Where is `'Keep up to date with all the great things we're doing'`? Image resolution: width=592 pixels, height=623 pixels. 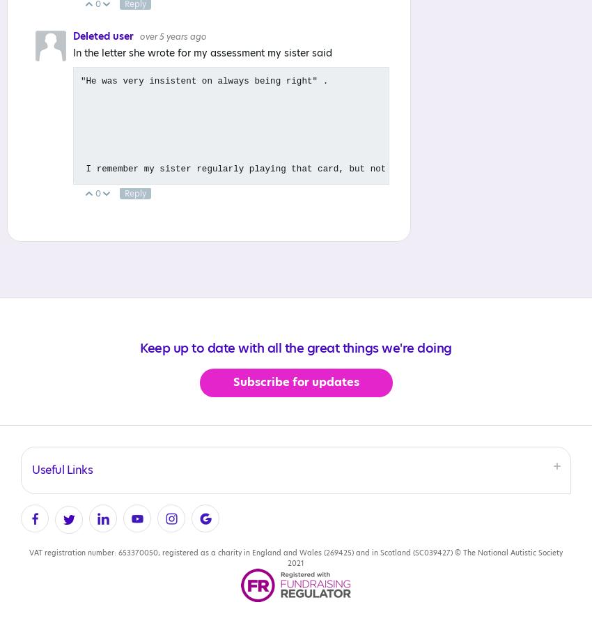
'Keep up to date with all the great things we're doing' is located at coordinates (295, 348).